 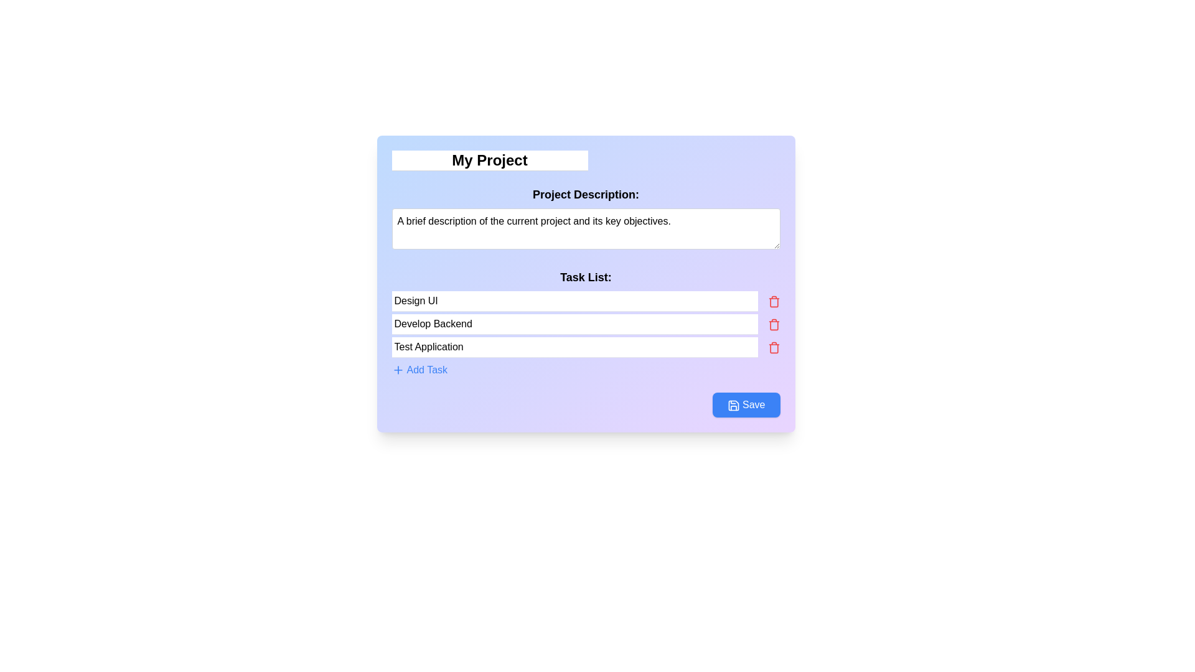 What do you see at coordinates (585, 284) in the screenshot?
I see `the heading text element that displays 'Task List:' which is styled in bold and located within a blue to purple gradient background, positioned centrally in the form layout` at bounding box center [585, 284].